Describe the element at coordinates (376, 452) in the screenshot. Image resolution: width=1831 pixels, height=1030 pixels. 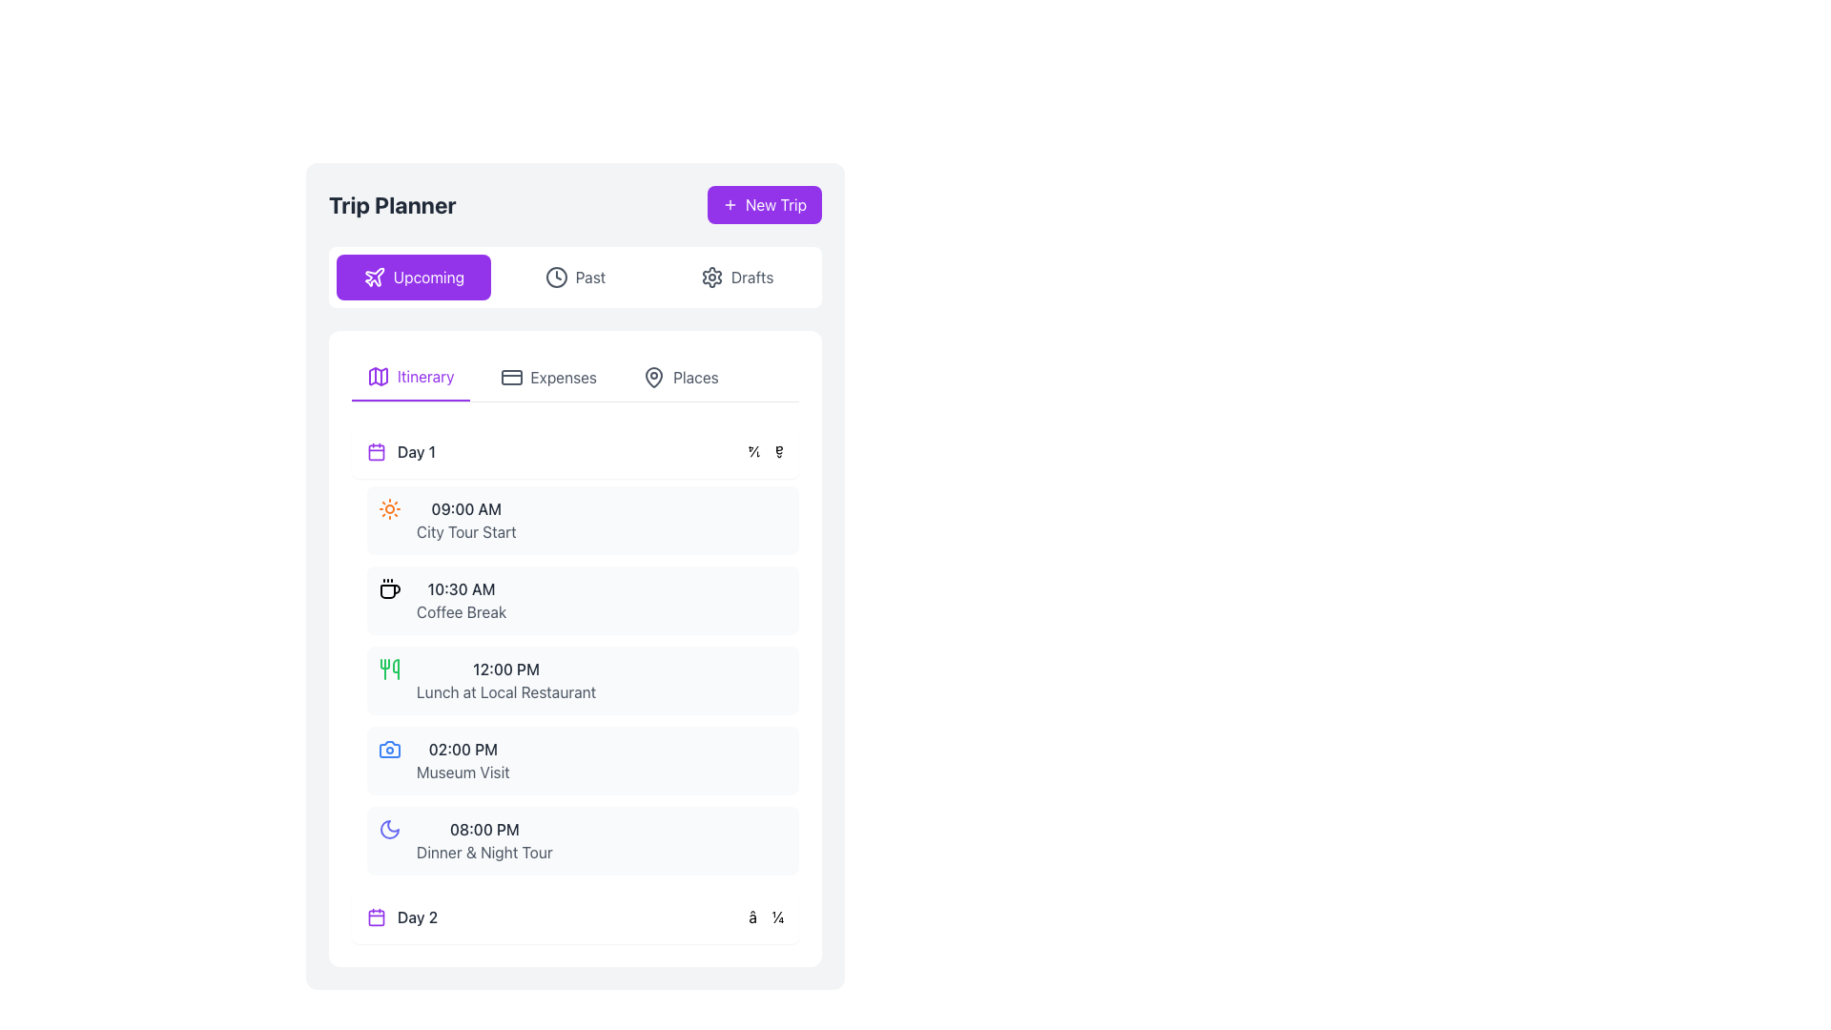
I see `the calendar icon located to the left of the text 'Day 1' in the itinerary section for reference` at that location.